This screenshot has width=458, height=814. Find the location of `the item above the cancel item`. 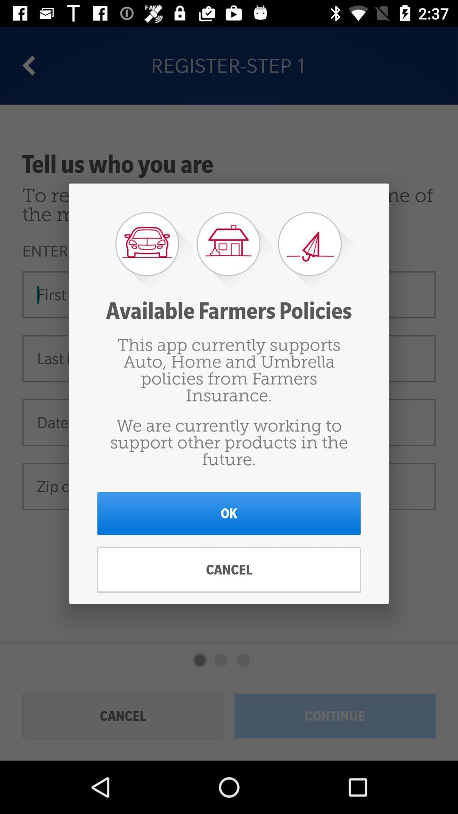

the item above the cancel item is located at coordinates (229, 513).